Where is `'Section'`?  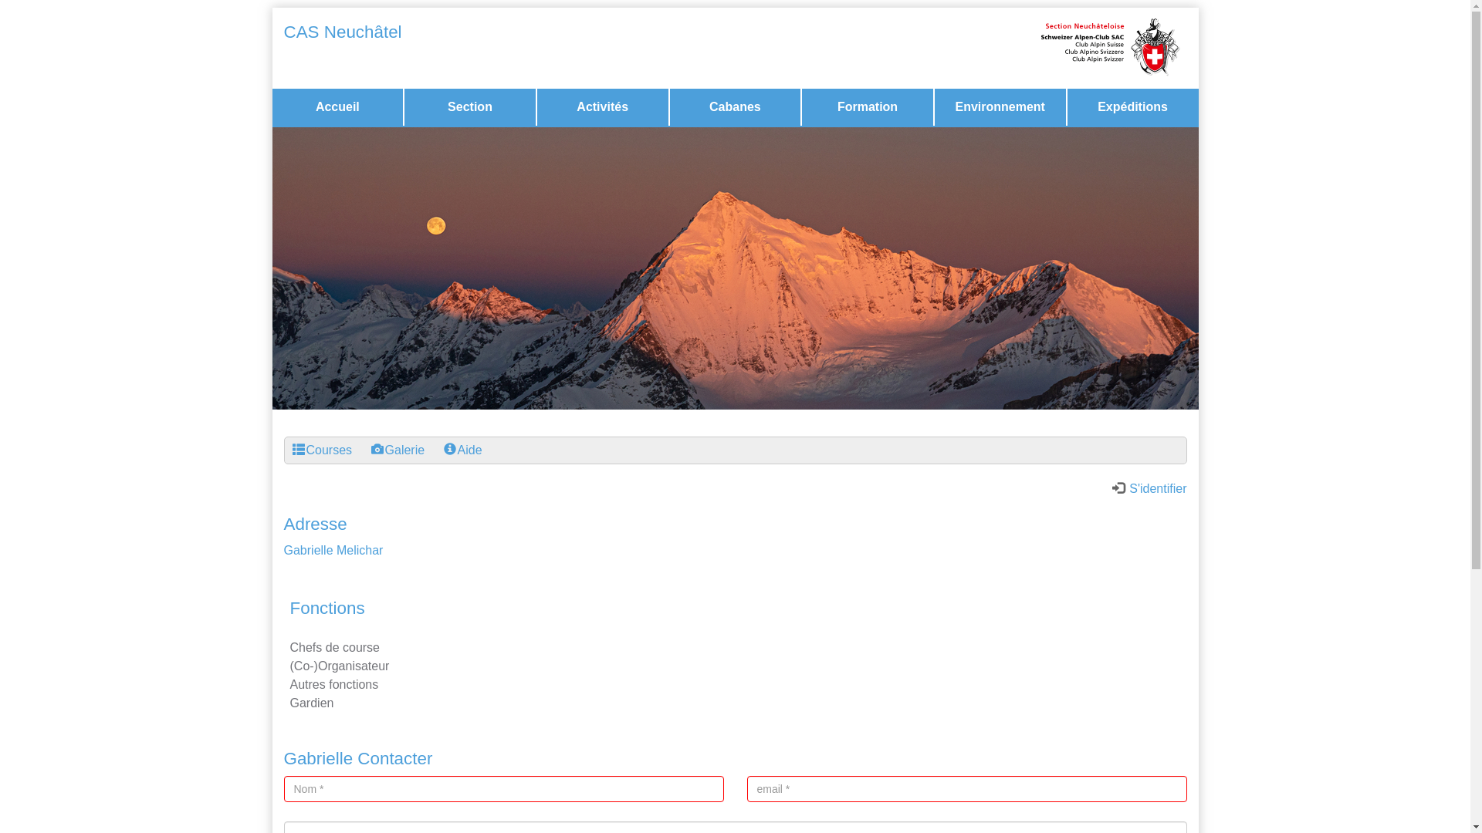 'Section' is located at coordinates (469, 106).